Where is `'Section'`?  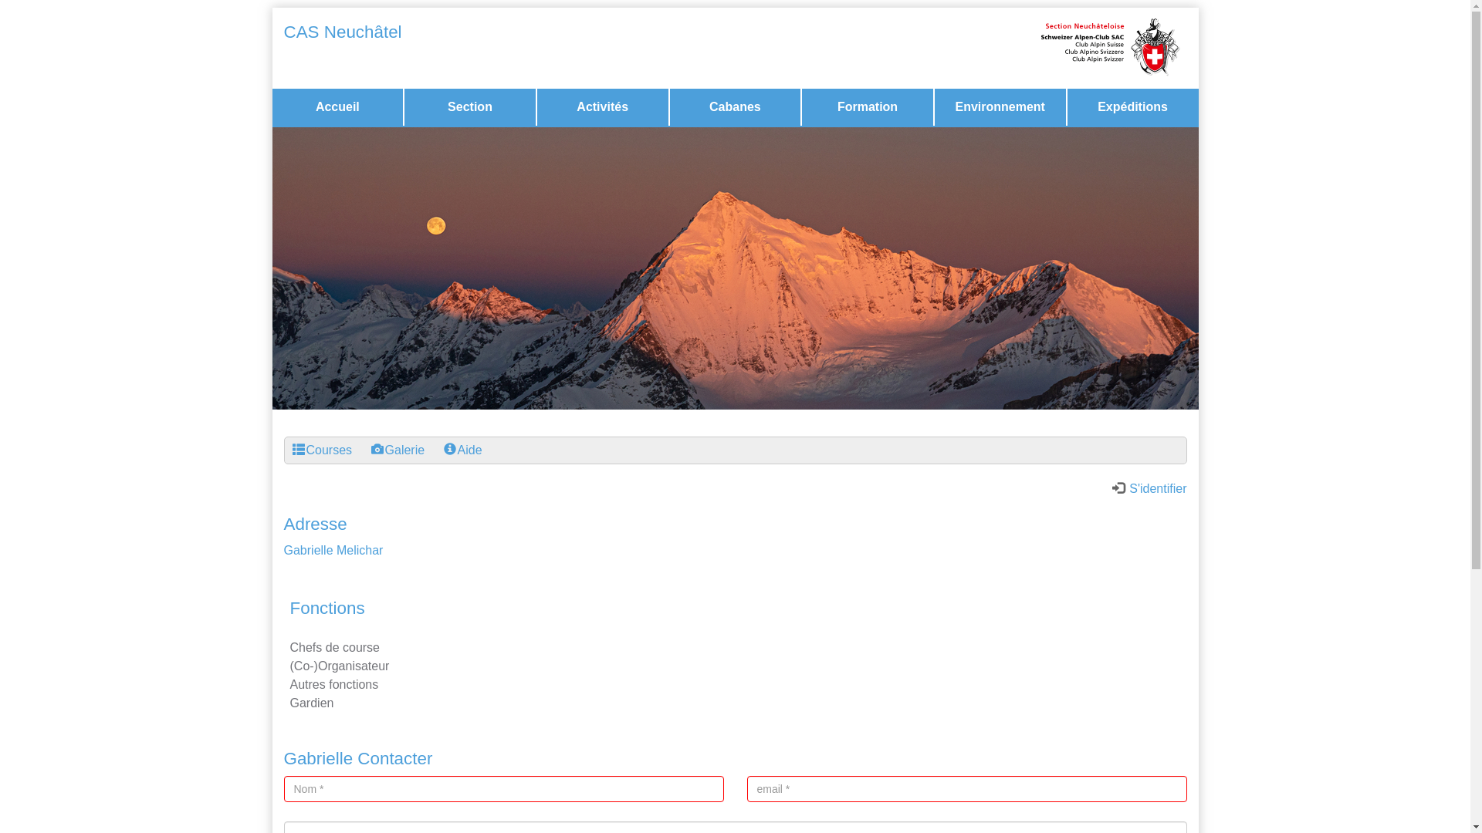 'Section' is located at coordinates (469, 106).